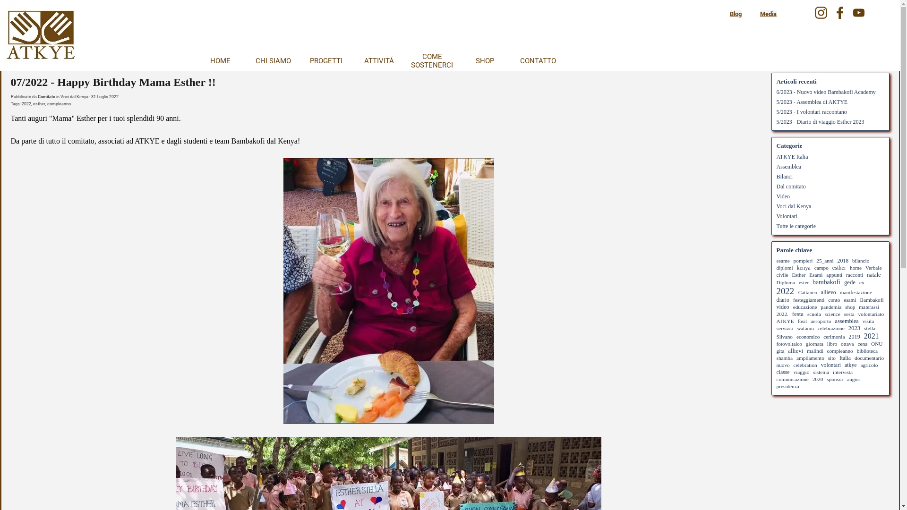 Image resolution: width=907 pixels, height=510 pixels. I want to click on 'Cattaneo', so click(807, 291).